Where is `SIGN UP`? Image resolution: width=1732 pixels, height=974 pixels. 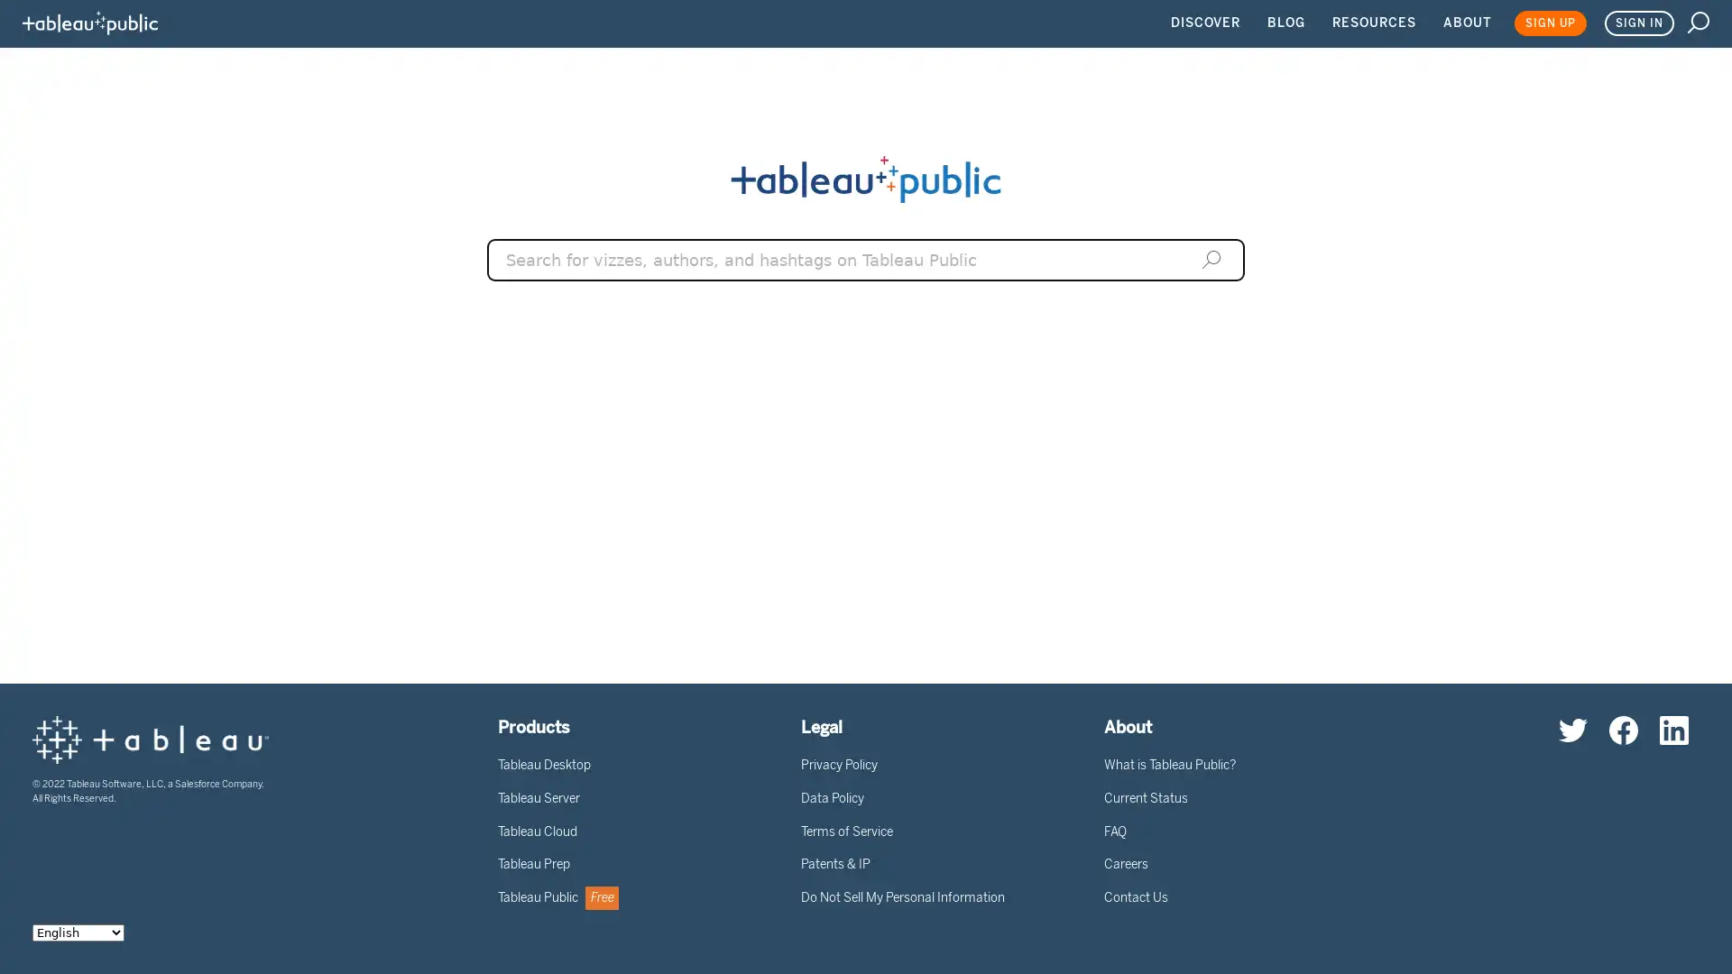 SIGN UP is located at coordinates (1549, 23).